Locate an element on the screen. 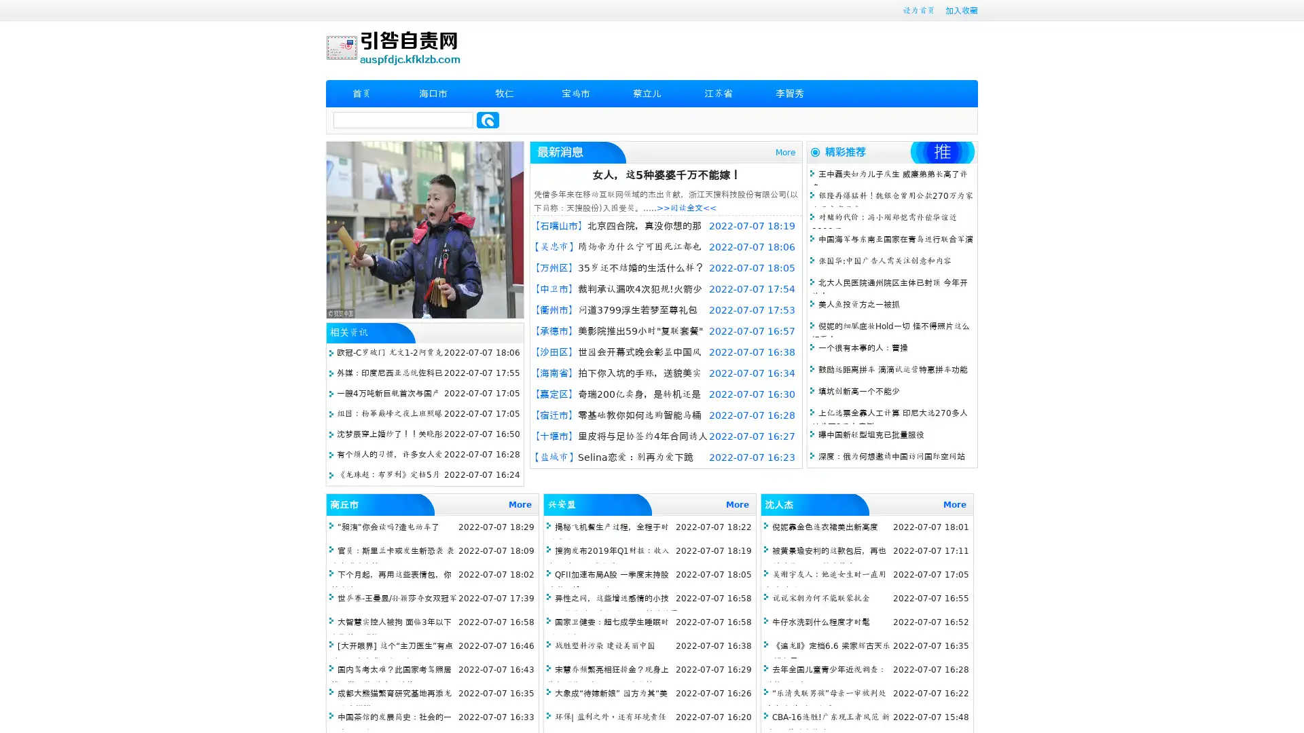 The height and width of the screenshot is (733, 1304). Search is located at coordinates (488, 119).